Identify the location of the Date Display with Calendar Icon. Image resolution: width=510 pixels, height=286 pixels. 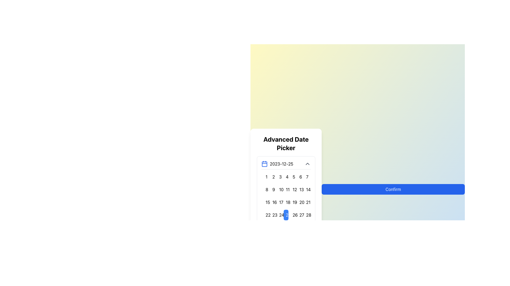
(277, 163).